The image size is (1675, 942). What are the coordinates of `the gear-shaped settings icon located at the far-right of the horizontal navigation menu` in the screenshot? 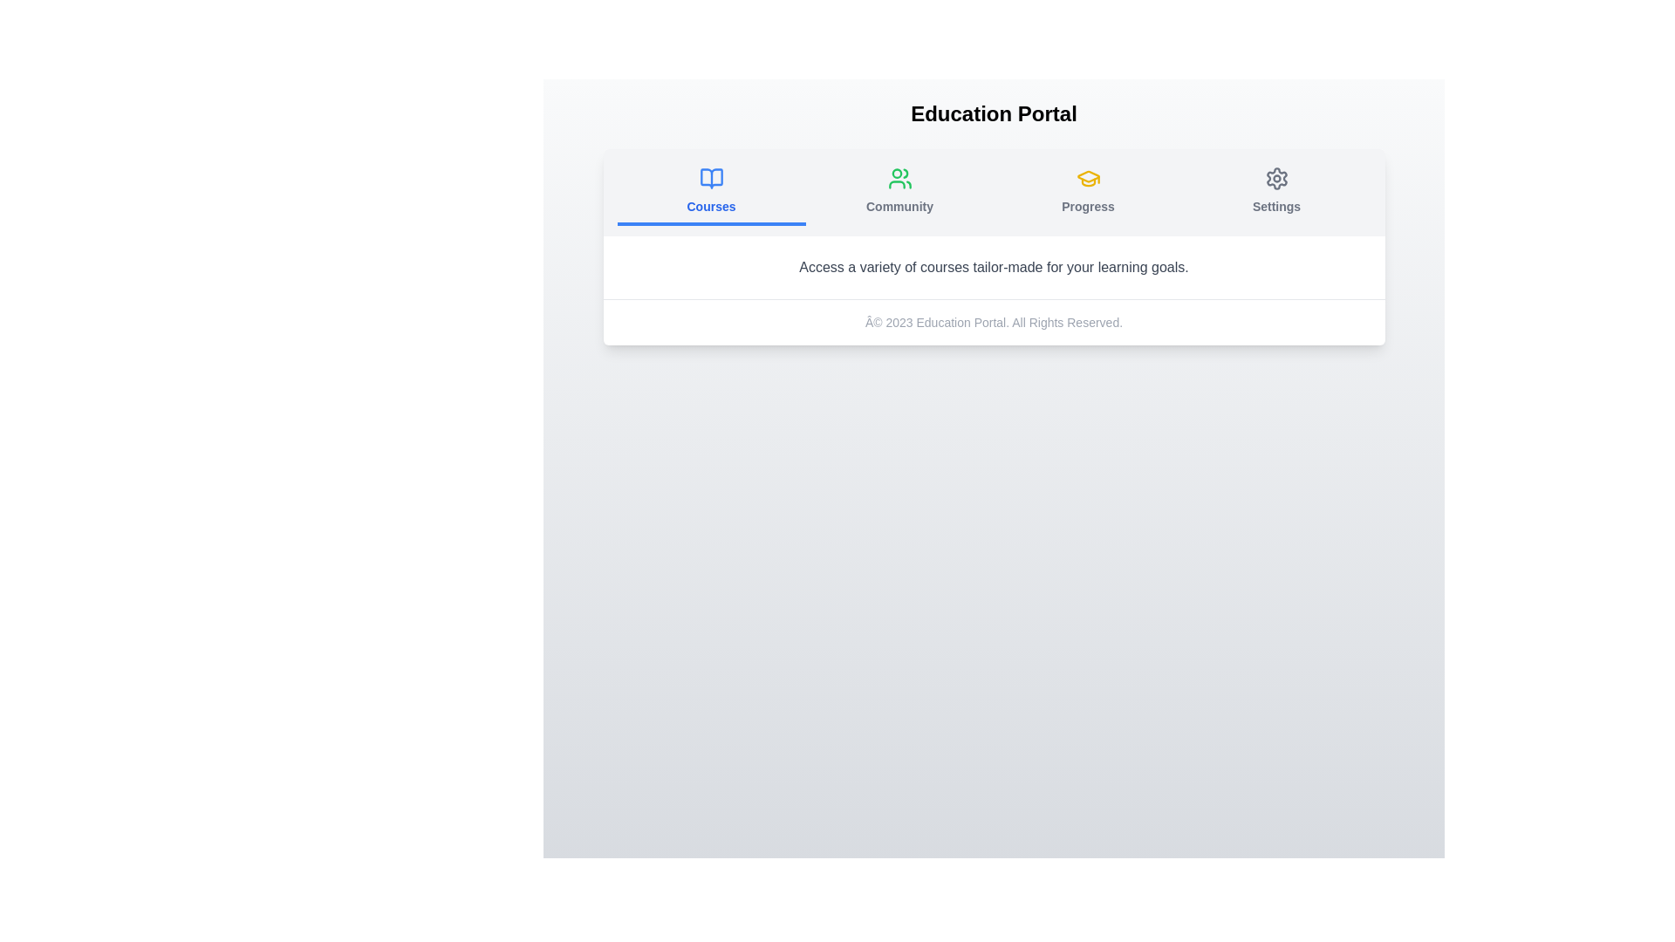 It's located at (1276, 178).